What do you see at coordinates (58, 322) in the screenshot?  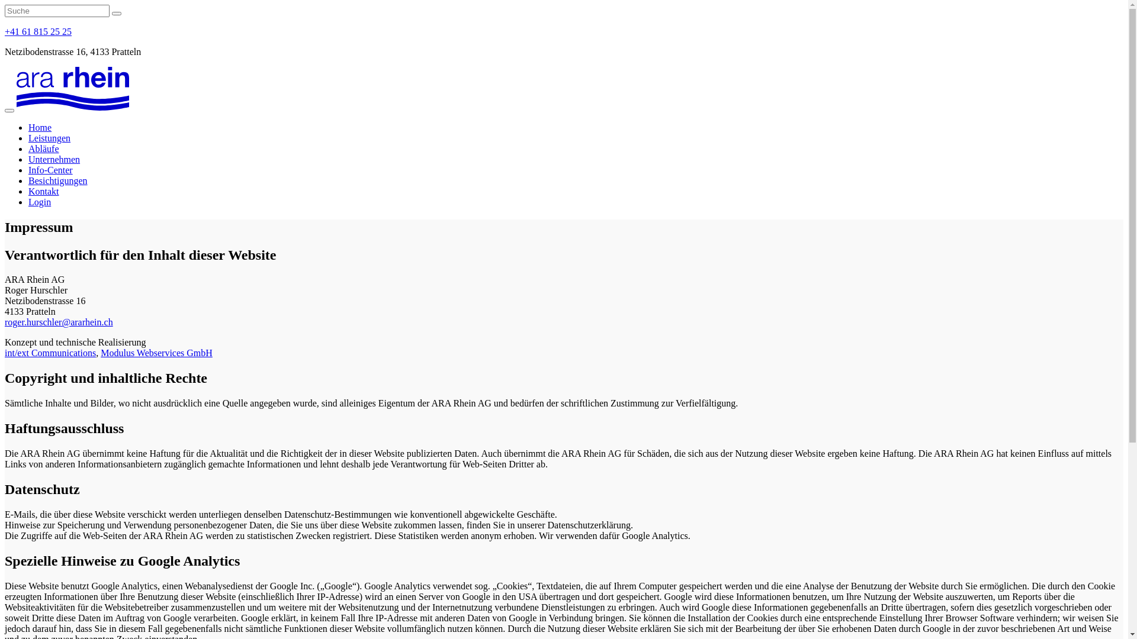 I see `'roger.hurschler@ararhein.ch'` at bounding box center [58, 322].